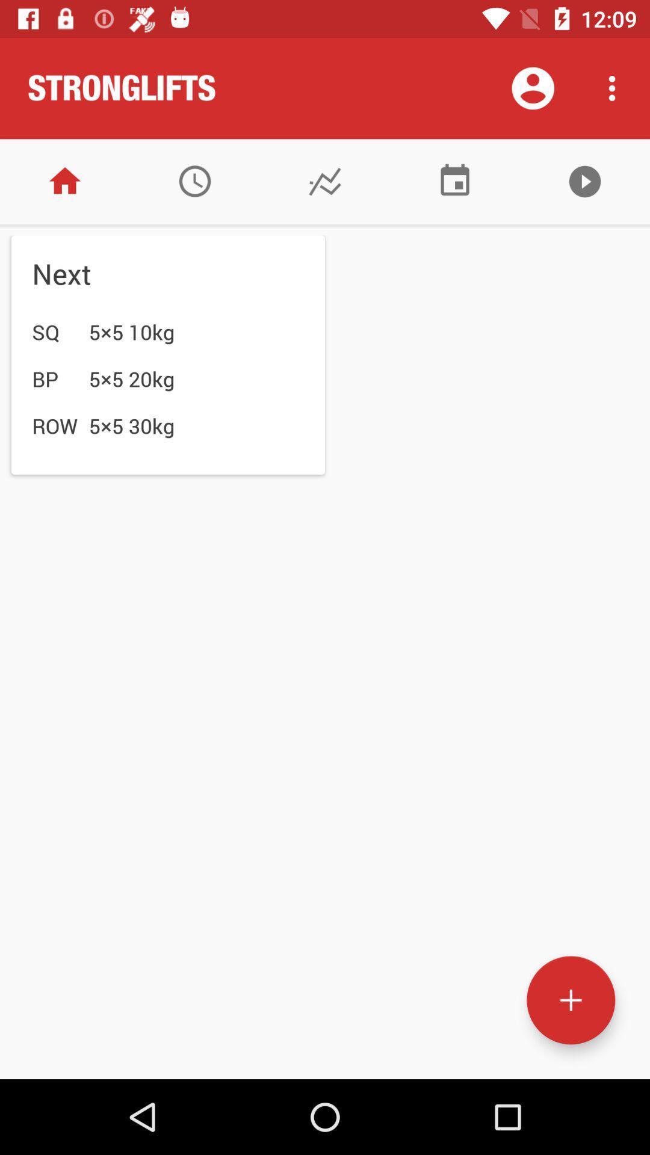 This screenshot has width=650, height=1155. Describe the element at coordinates (194, 180) in the screenshot. I see `item history` at that location.